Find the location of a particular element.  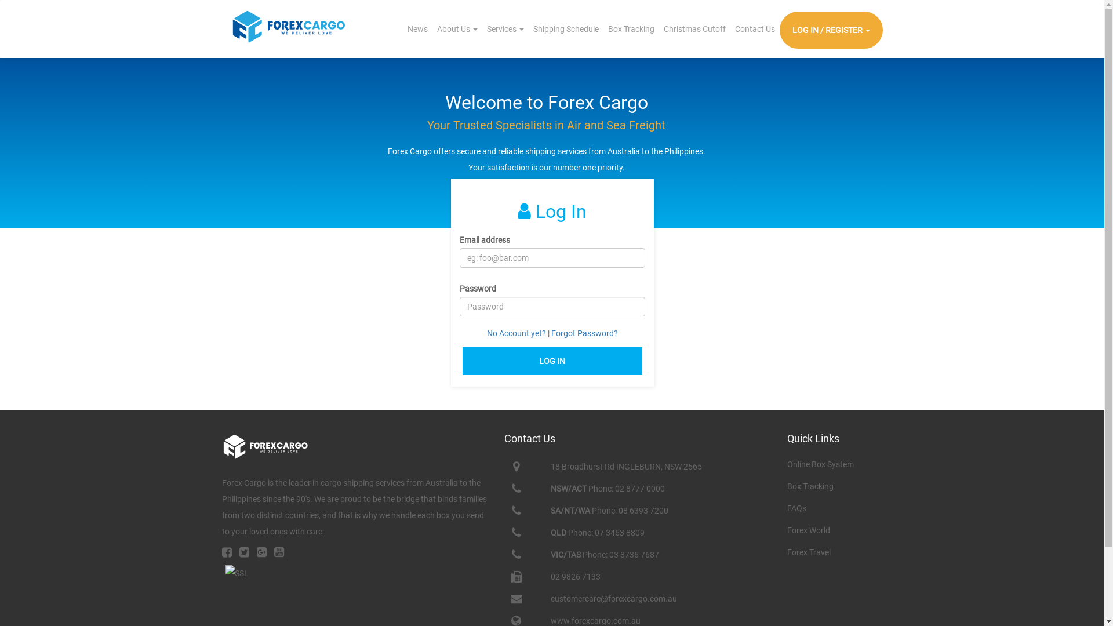

'GlobalSign Site Seal' is located at coordinates (225, 579).